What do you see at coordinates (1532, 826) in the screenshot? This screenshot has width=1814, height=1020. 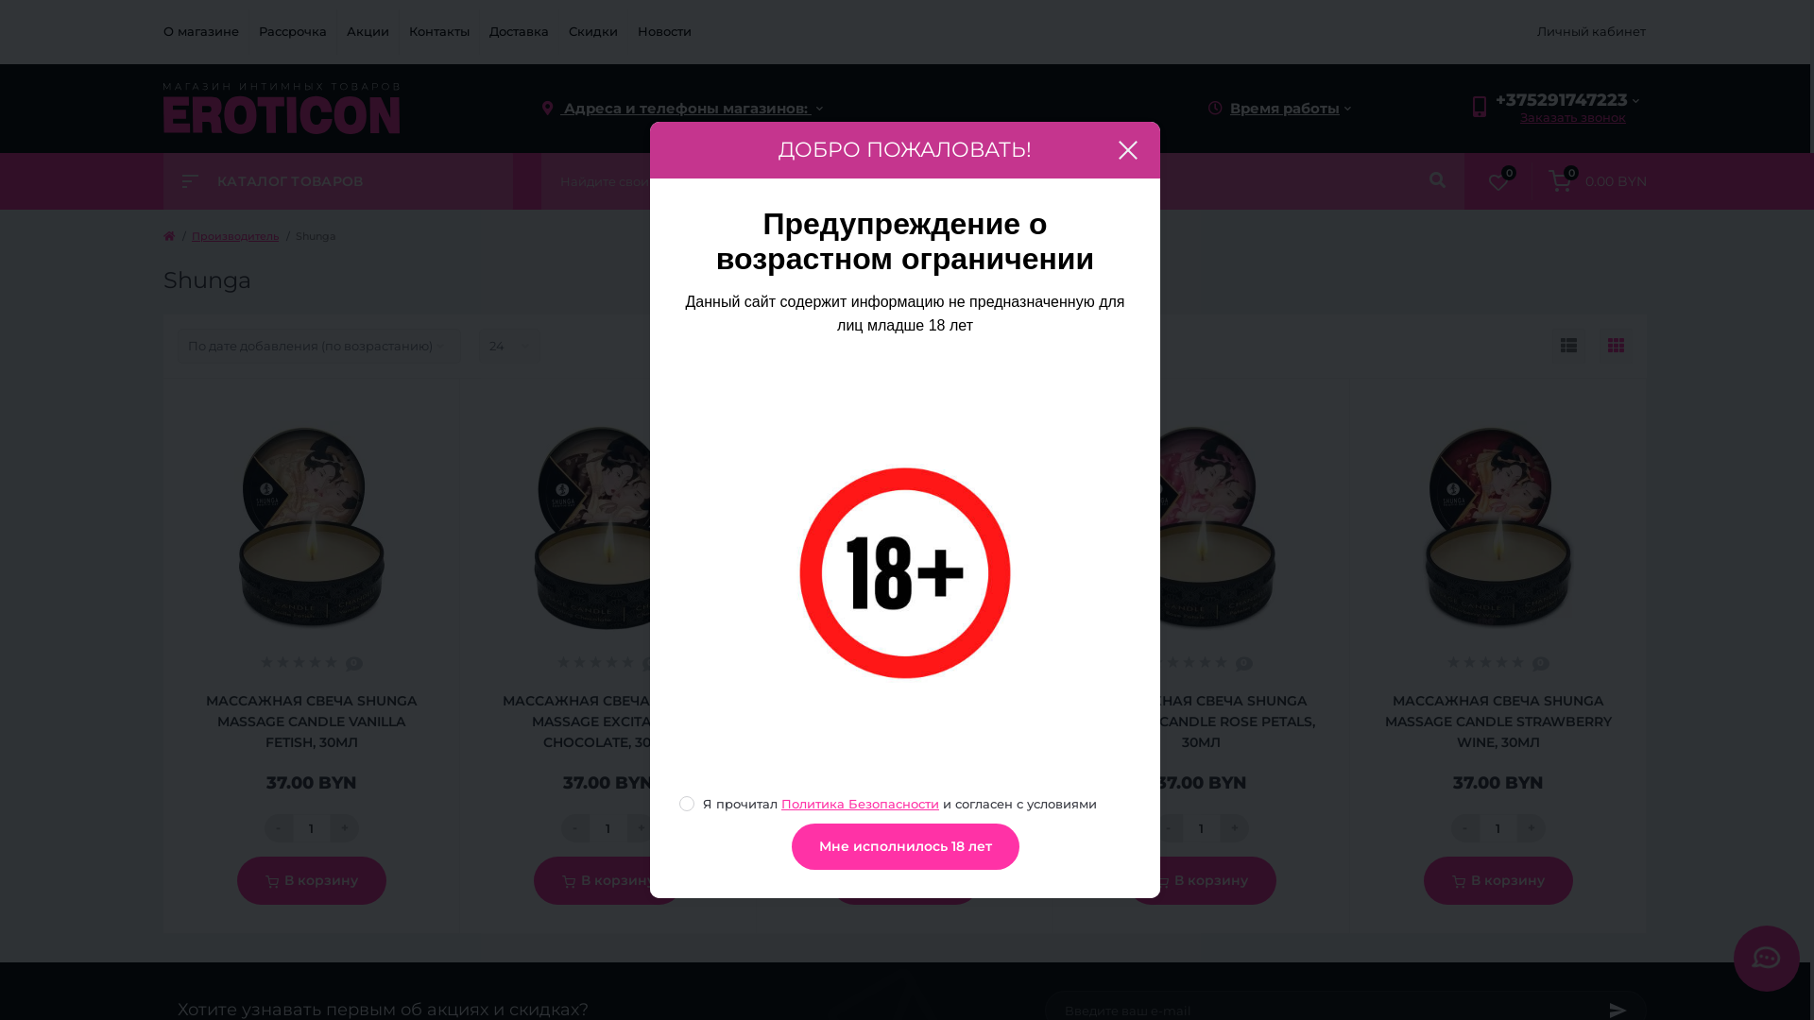 I see `'+'` at bounding box center [1532, 826].